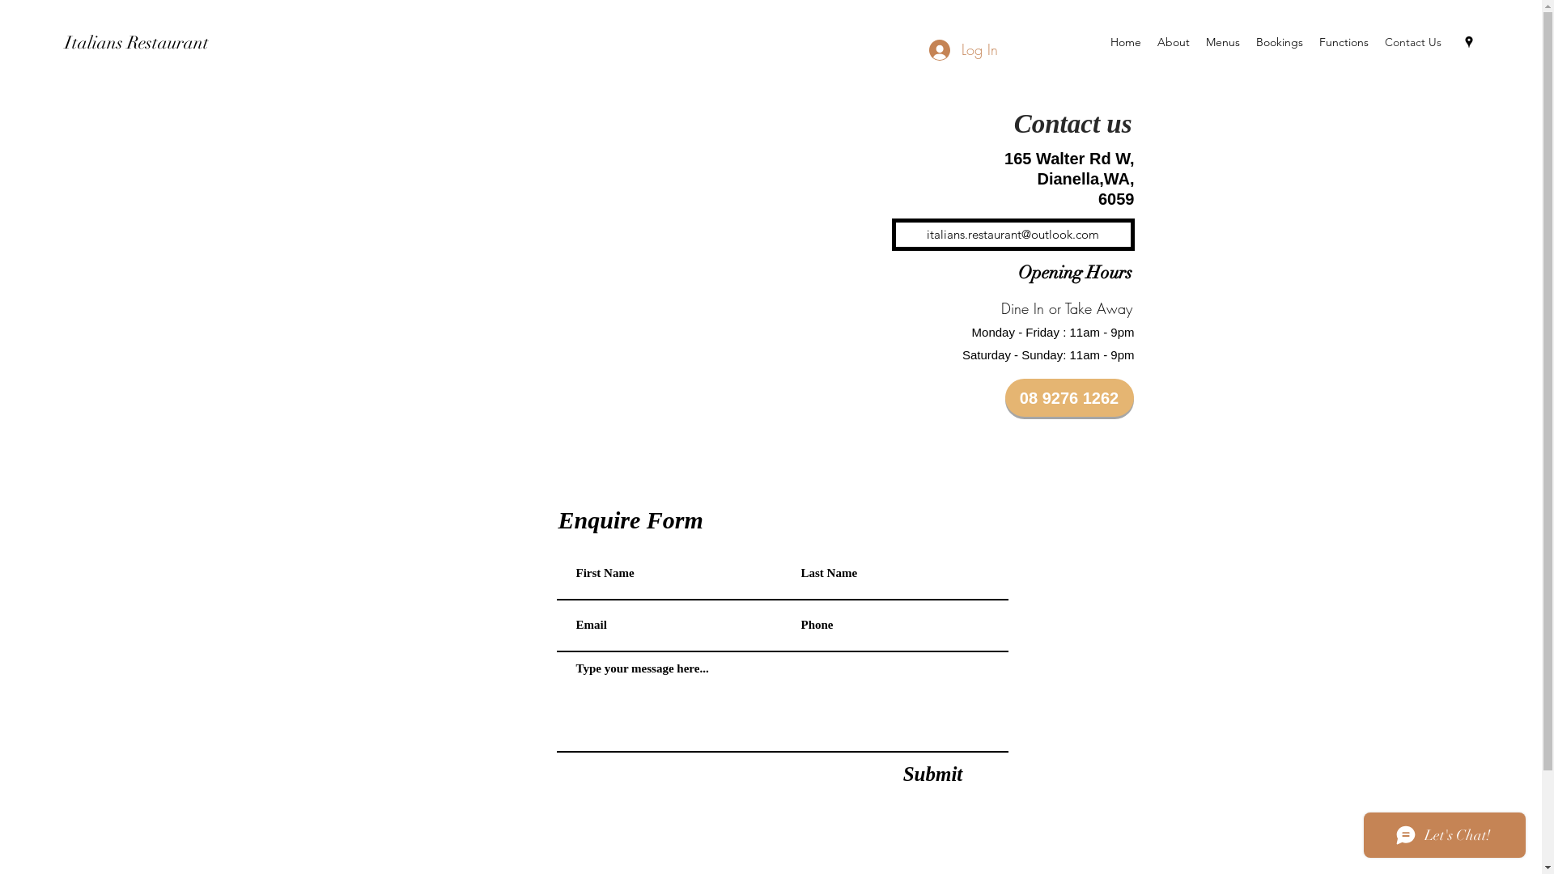  I want to click on 'Functions', so click(1344, 40).